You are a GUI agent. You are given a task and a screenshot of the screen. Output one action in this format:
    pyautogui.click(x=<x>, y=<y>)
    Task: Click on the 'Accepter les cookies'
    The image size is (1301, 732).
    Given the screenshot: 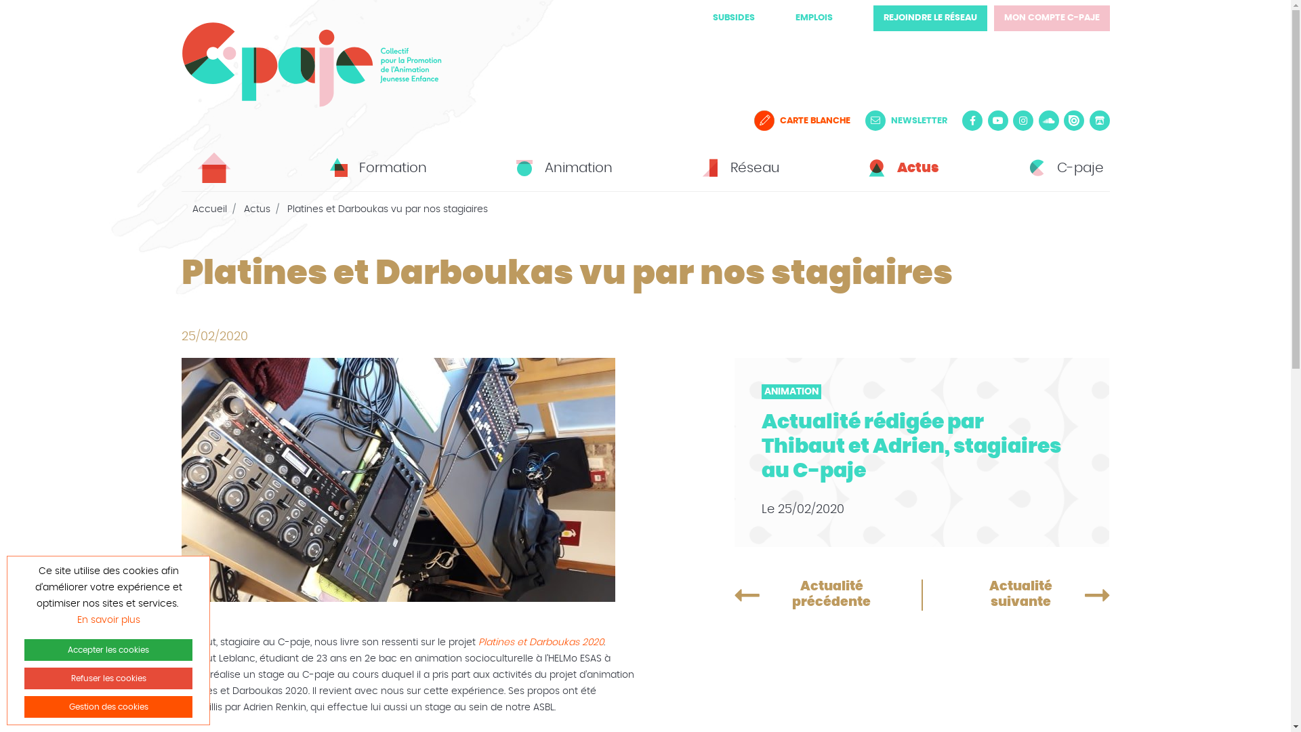 What is the action you would take?
    pyautogui.click(x=107, y=649)
    